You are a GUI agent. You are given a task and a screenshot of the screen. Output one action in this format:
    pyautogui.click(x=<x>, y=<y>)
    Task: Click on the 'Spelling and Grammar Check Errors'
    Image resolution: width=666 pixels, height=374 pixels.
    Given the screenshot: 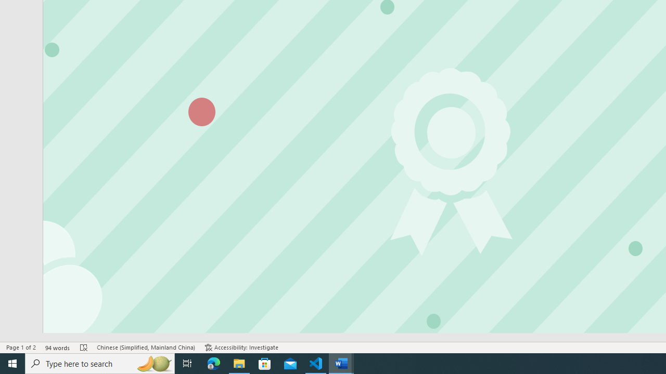 What is the action you would take?
    pyautogui.click(x=84, y=348)
    